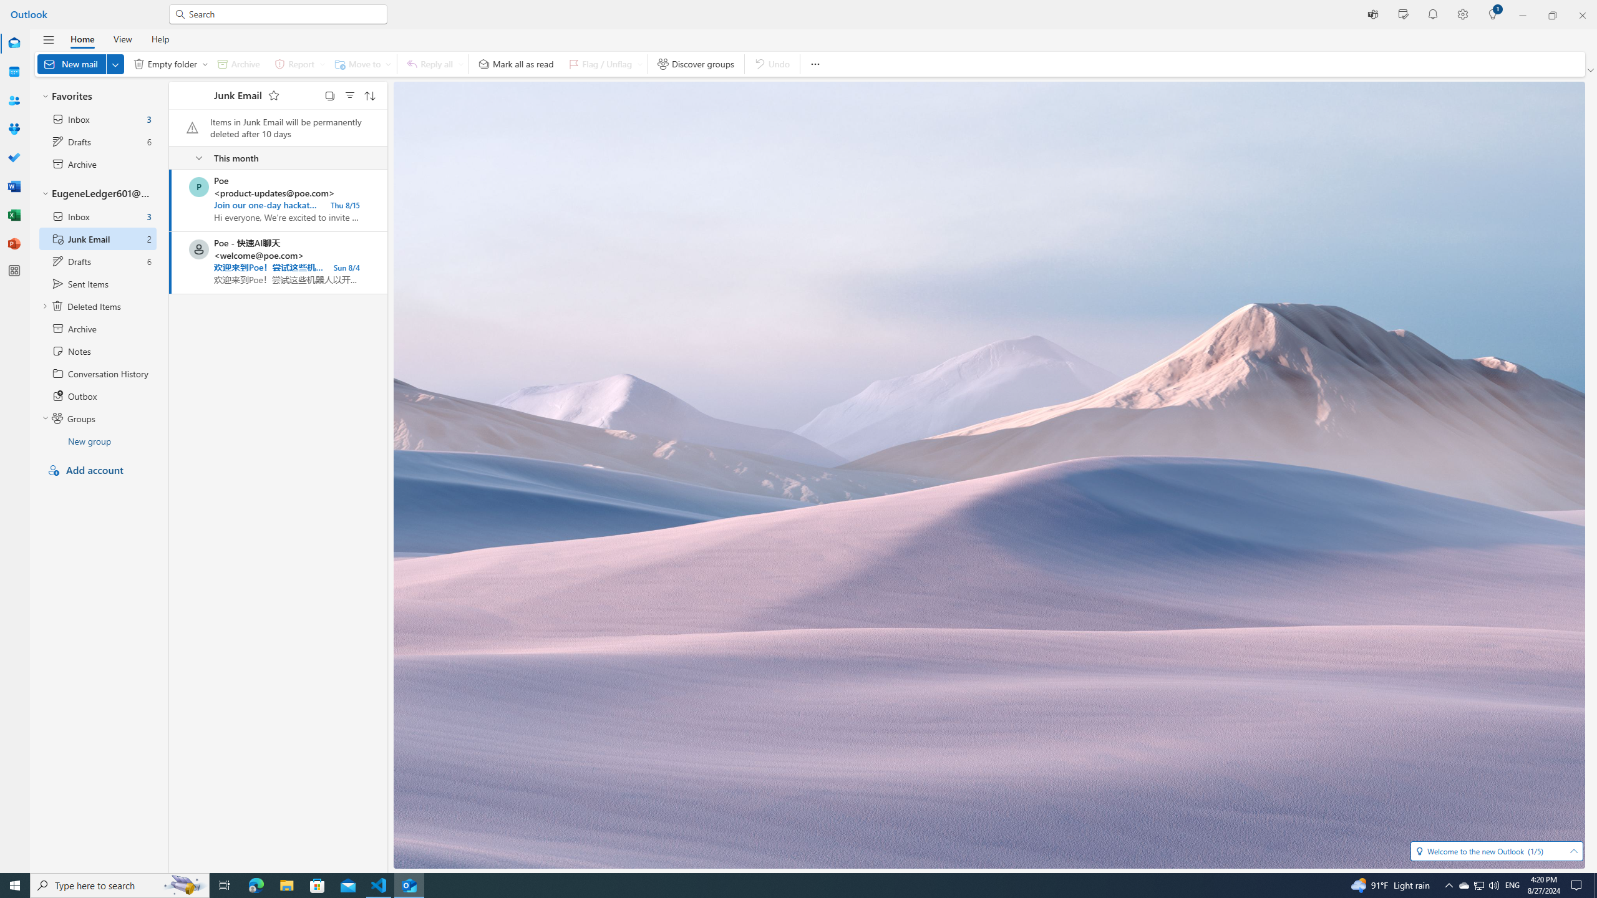 This screenshot has width=1597, height=898. I want to click on 'Undo', so click(771, 64).